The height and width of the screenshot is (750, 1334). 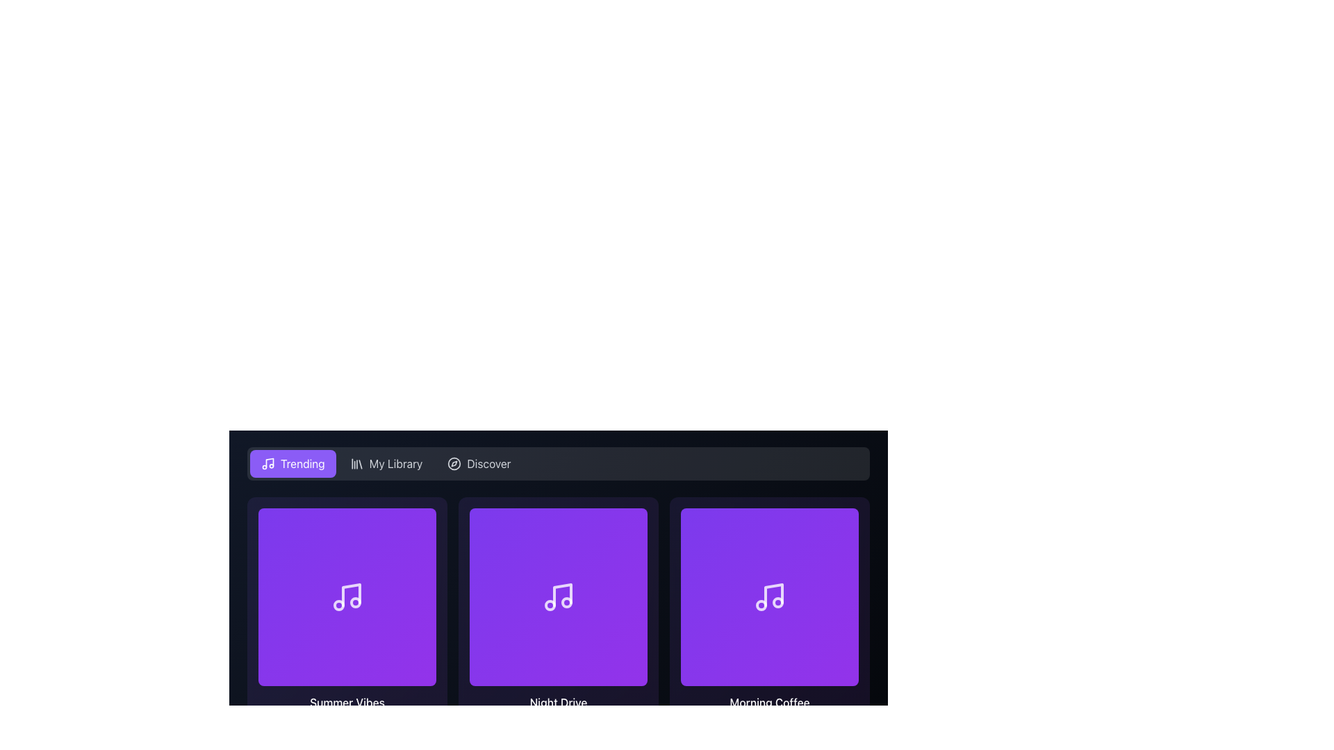 I want to click on the Text Label that serves as the title for the content associated with the purple box, positioned below the main icon and above the descriptive text about 'Deep Chill', so click(x=347, y=702).